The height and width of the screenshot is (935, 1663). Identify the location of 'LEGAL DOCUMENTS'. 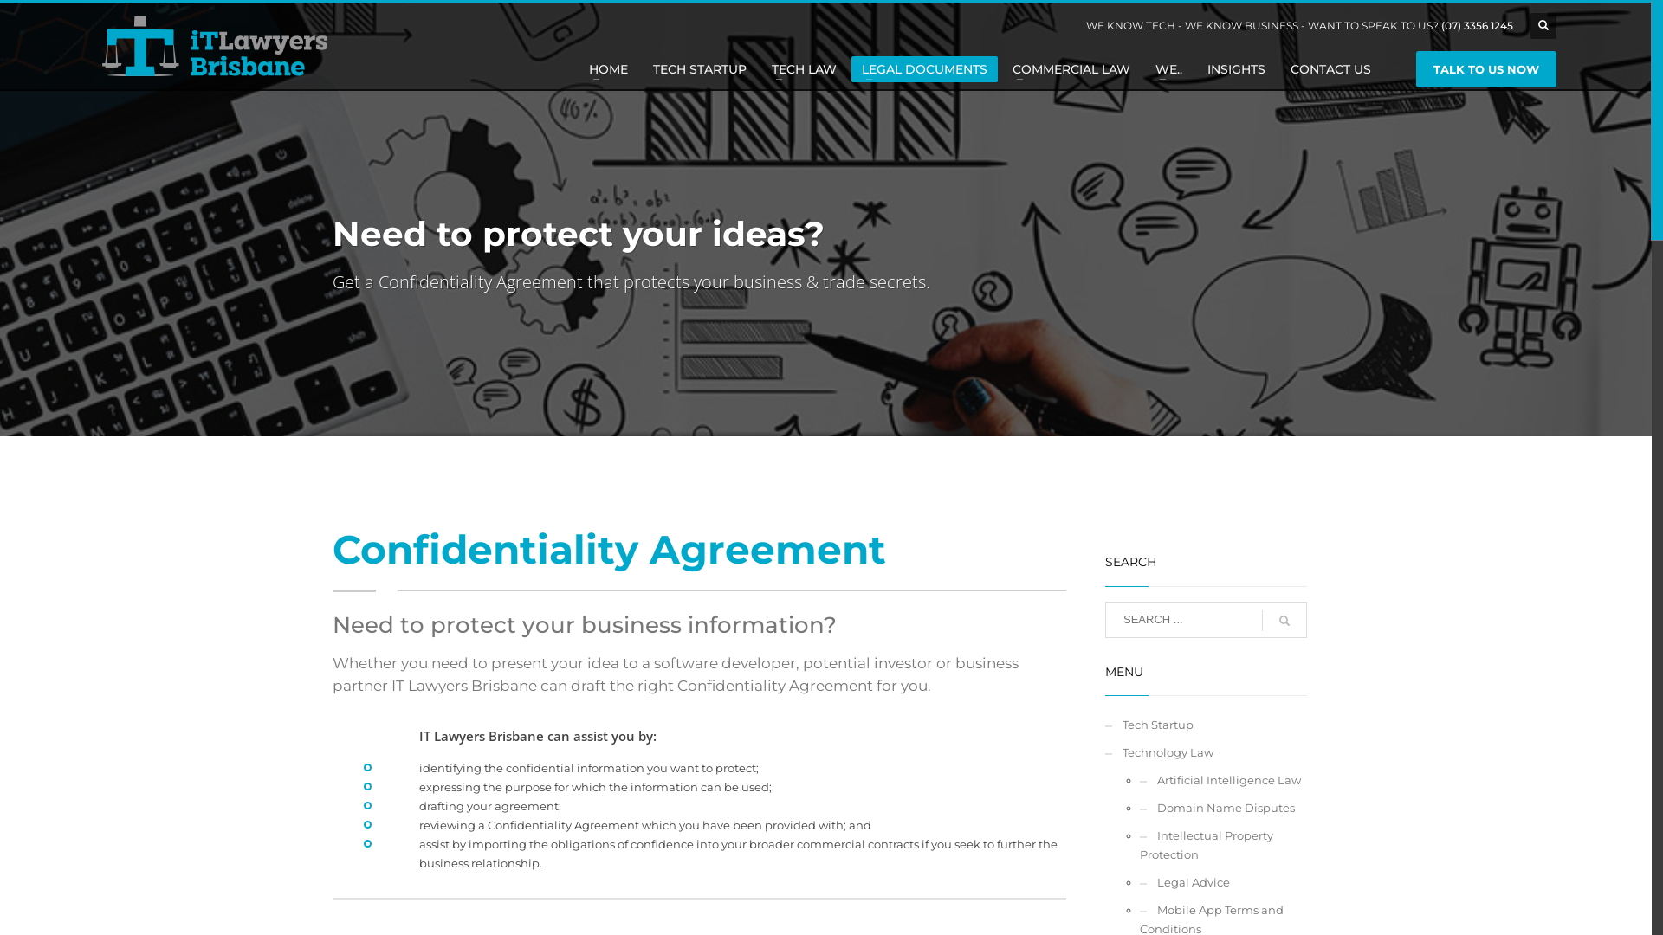
(923, 68).